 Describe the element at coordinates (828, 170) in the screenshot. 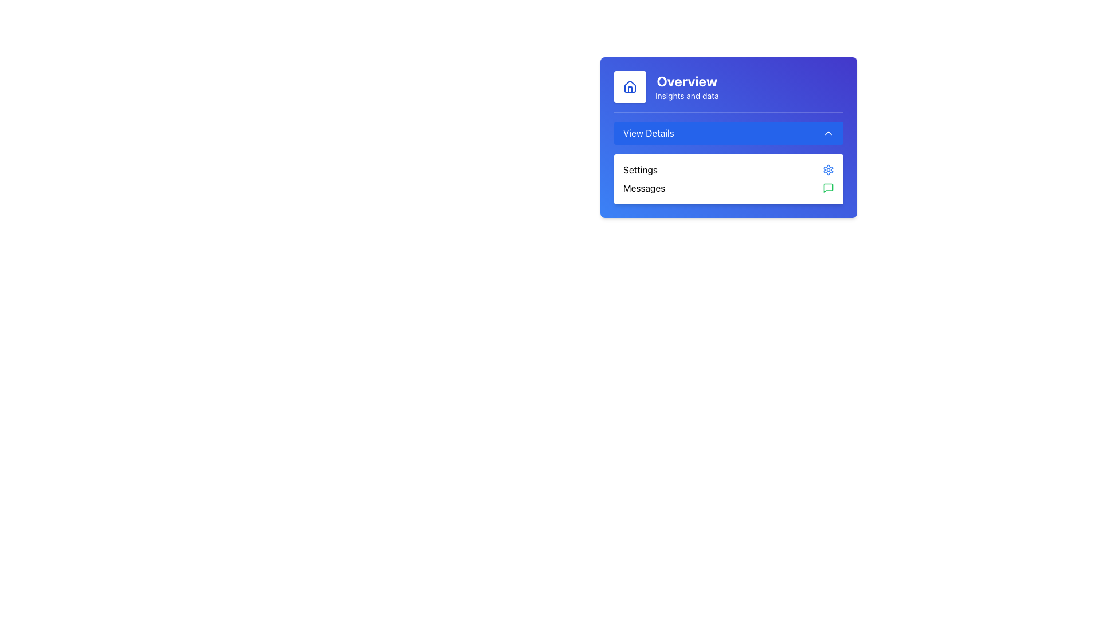

I see `the blue gear icon located to the right of the 'Settings' text` at that location.